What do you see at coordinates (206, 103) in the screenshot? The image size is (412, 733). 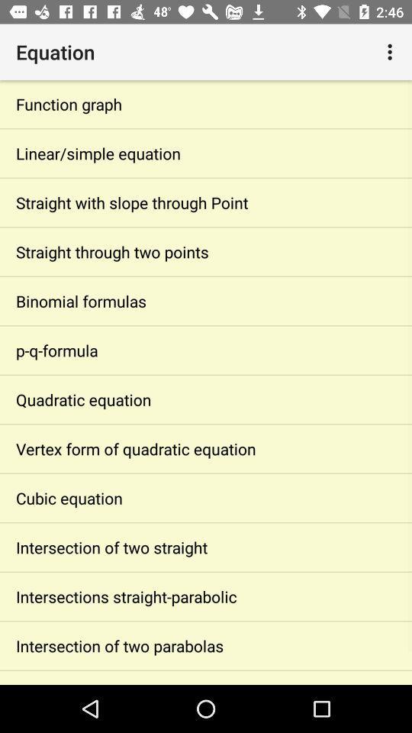 I see `function graph item` at bounding box center [206, 103].